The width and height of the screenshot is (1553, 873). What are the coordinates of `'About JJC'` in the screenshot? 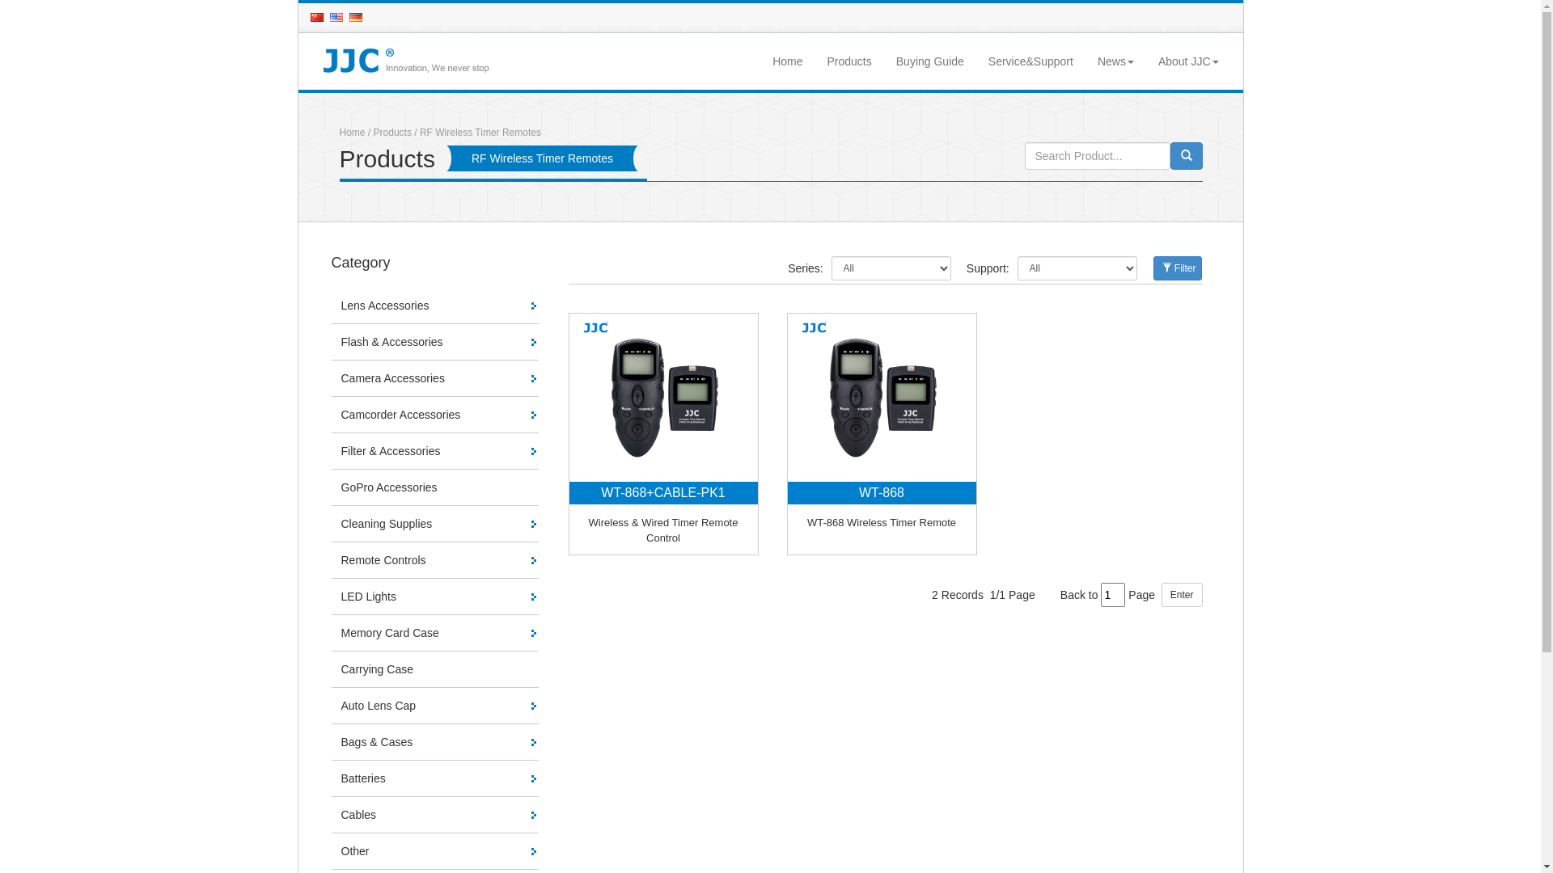 It's located at (1188, 61).